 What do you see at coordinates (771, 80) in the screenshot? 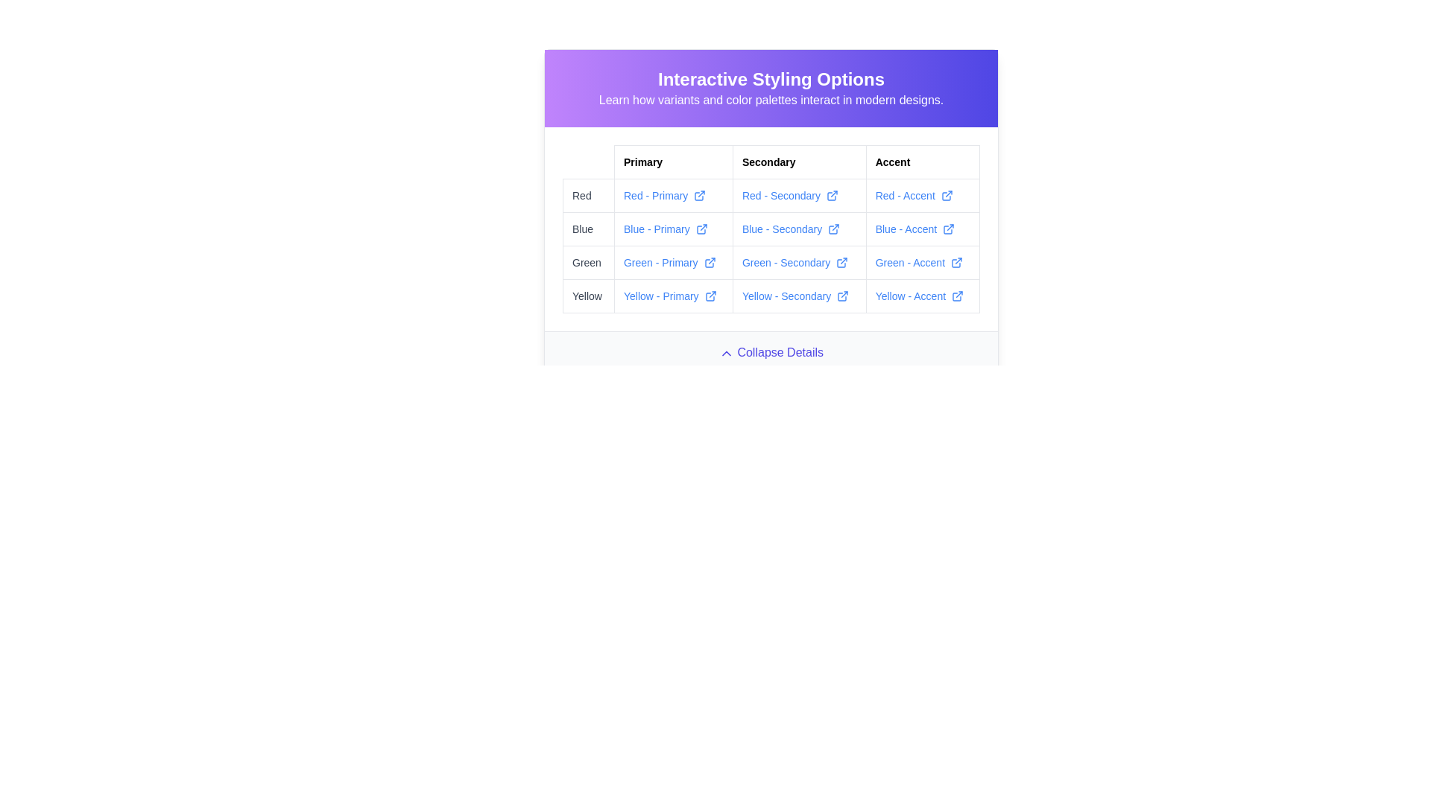
I see `the Text Header displaying 'Interactive Styling Options', which is prominently styled in a large, bold font against a gradient background` at bounding box center [771, 80].